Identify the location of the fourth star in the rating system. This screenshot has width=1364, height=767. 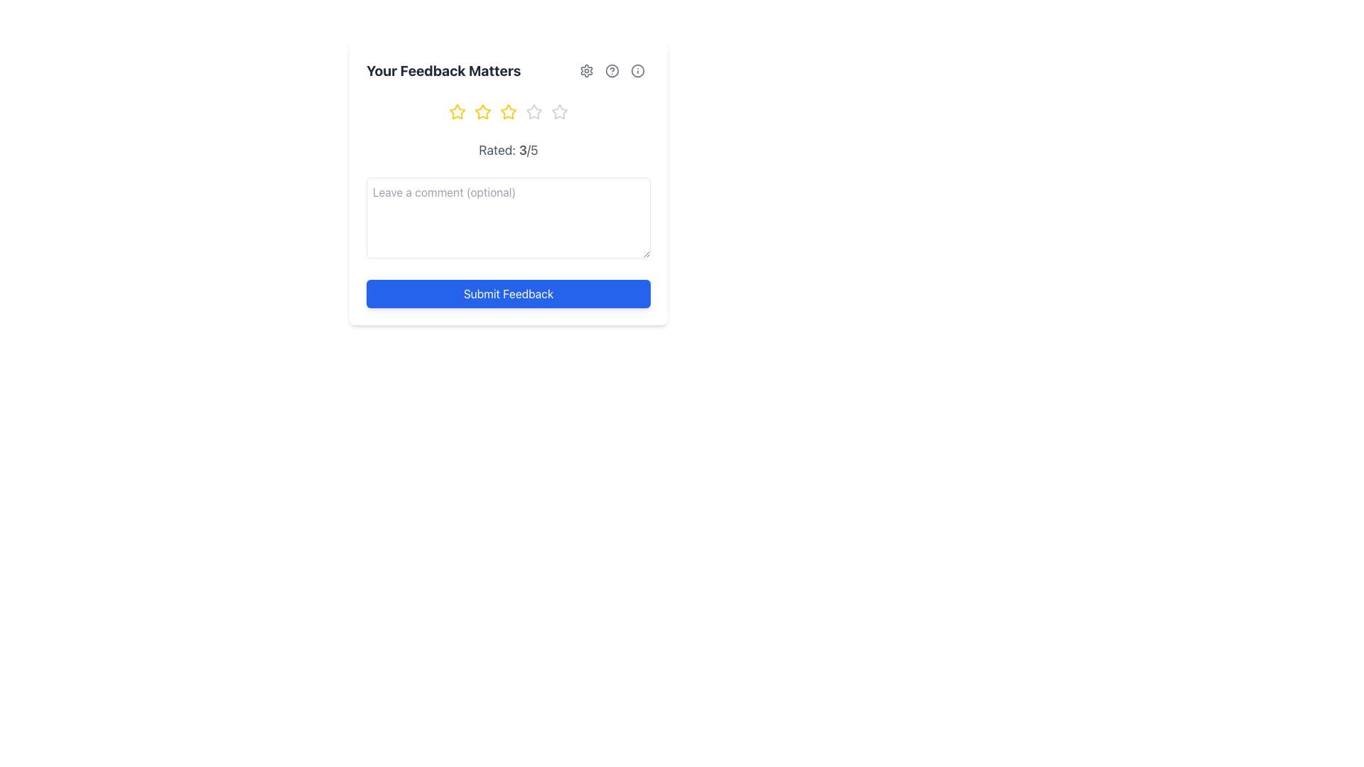
(558, 111).